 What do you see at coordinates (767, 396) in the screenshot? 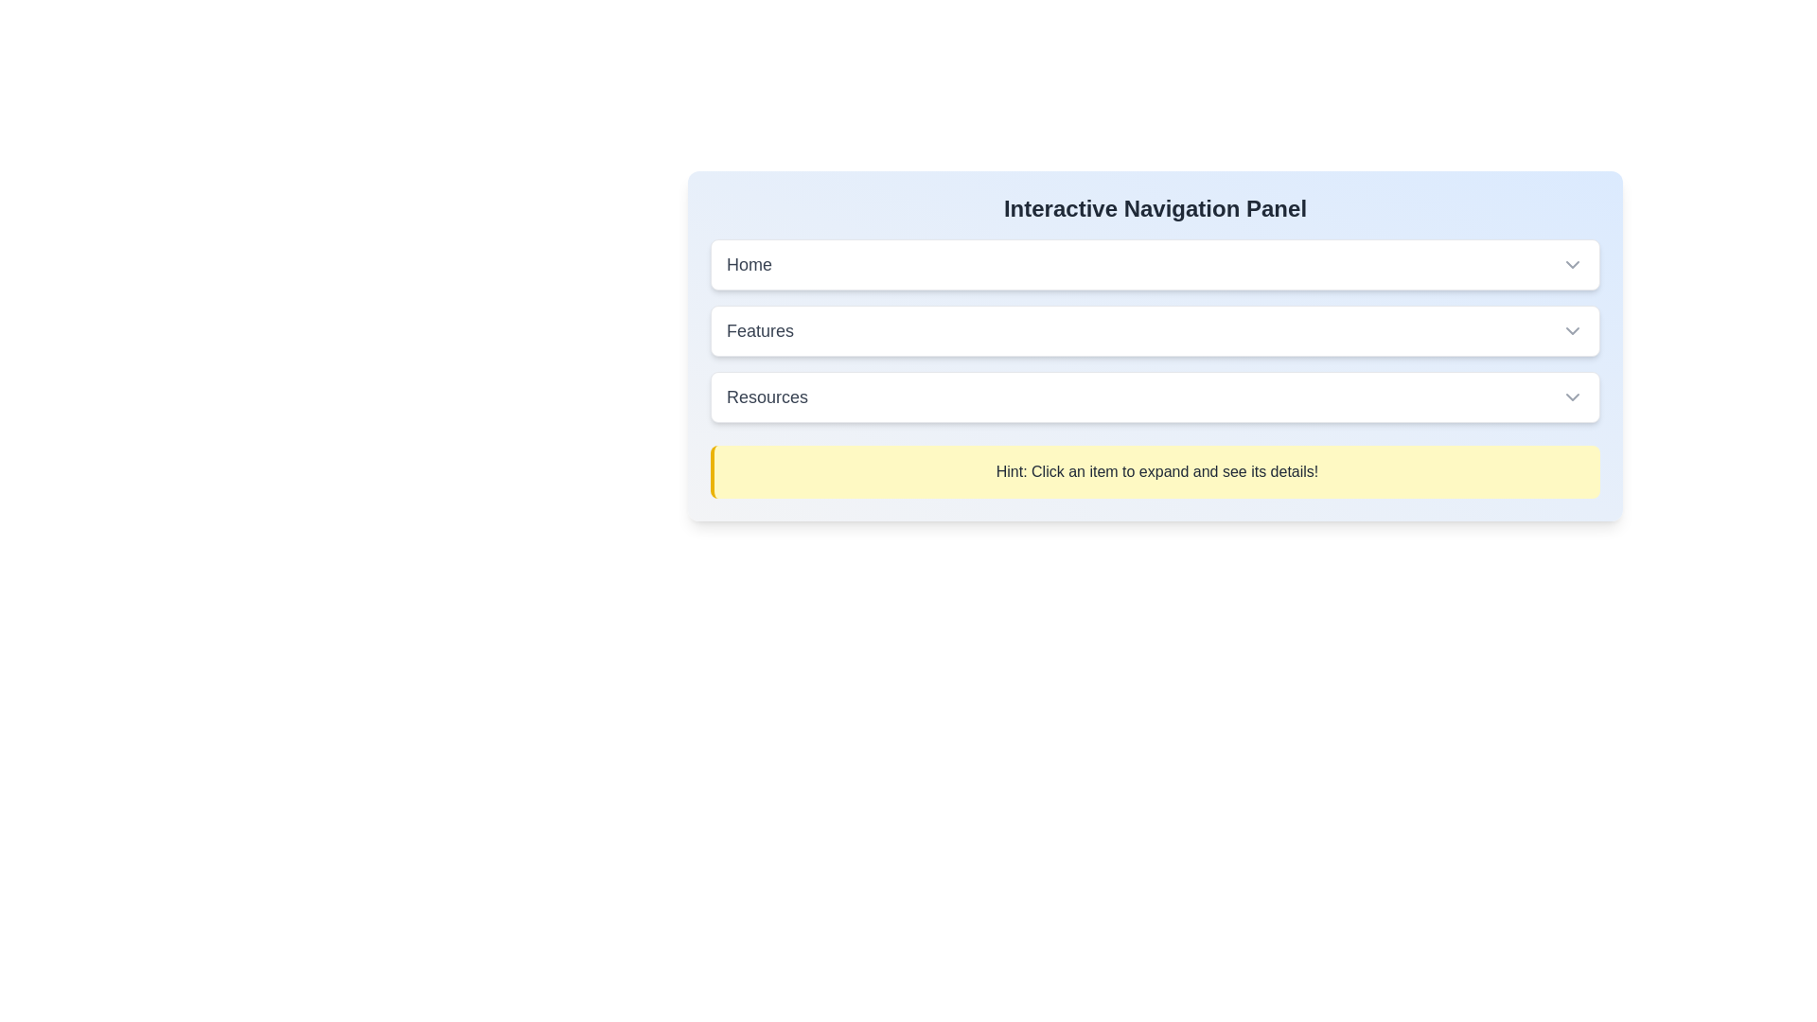
I see `text label 'Resources' which is styled in a large font, colored gray, and is the label of the third item in a vertical navigation panel` at bounding box center [767, 396].